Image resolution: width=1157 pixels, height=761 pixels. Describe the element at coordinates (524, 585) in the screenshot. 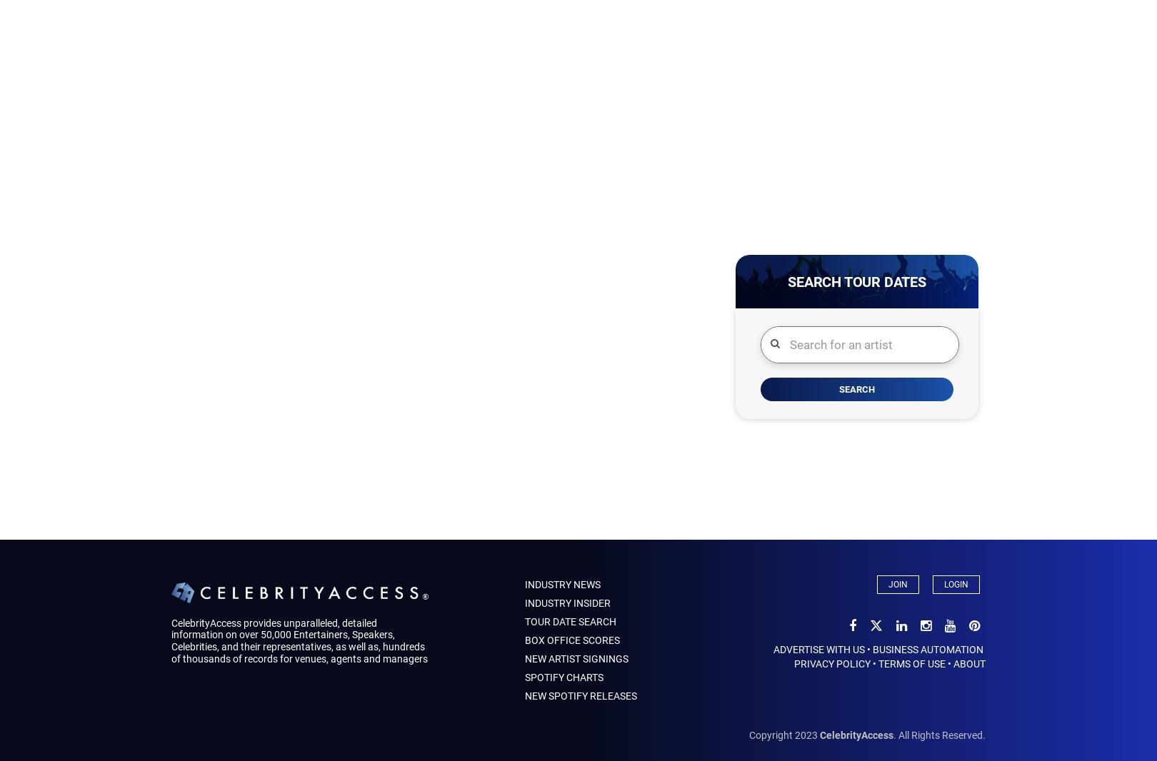

I see `'Industry News'` at that location.